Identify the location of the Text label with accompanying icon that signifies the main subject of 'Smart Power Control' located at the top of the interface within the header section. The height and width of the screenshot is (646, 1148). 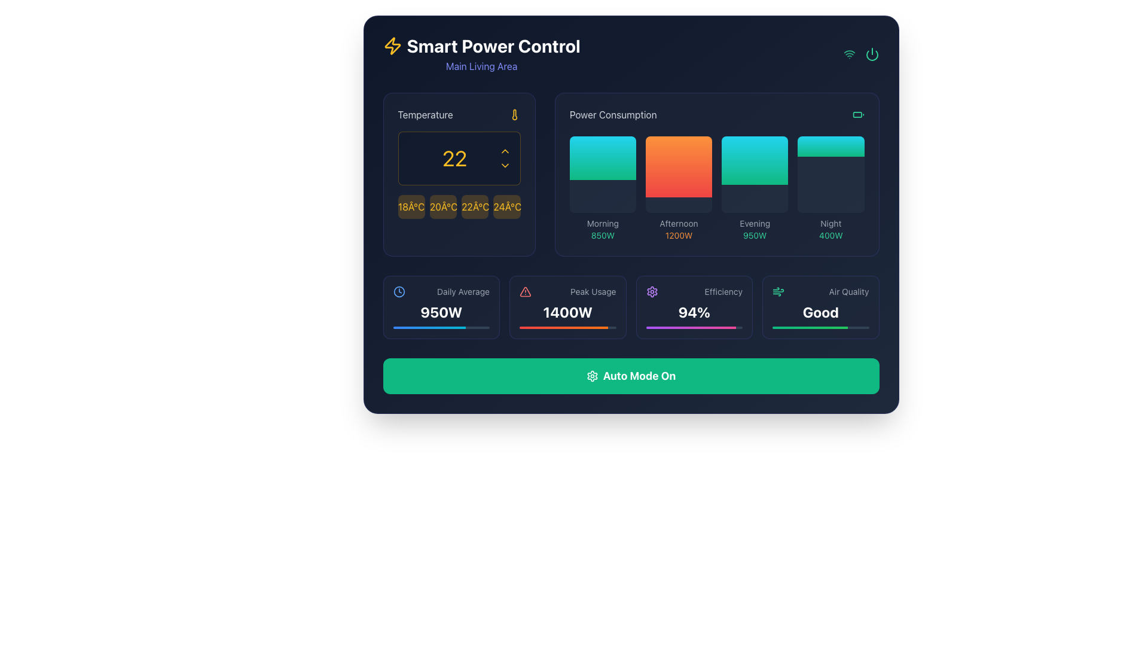
(481, 45).